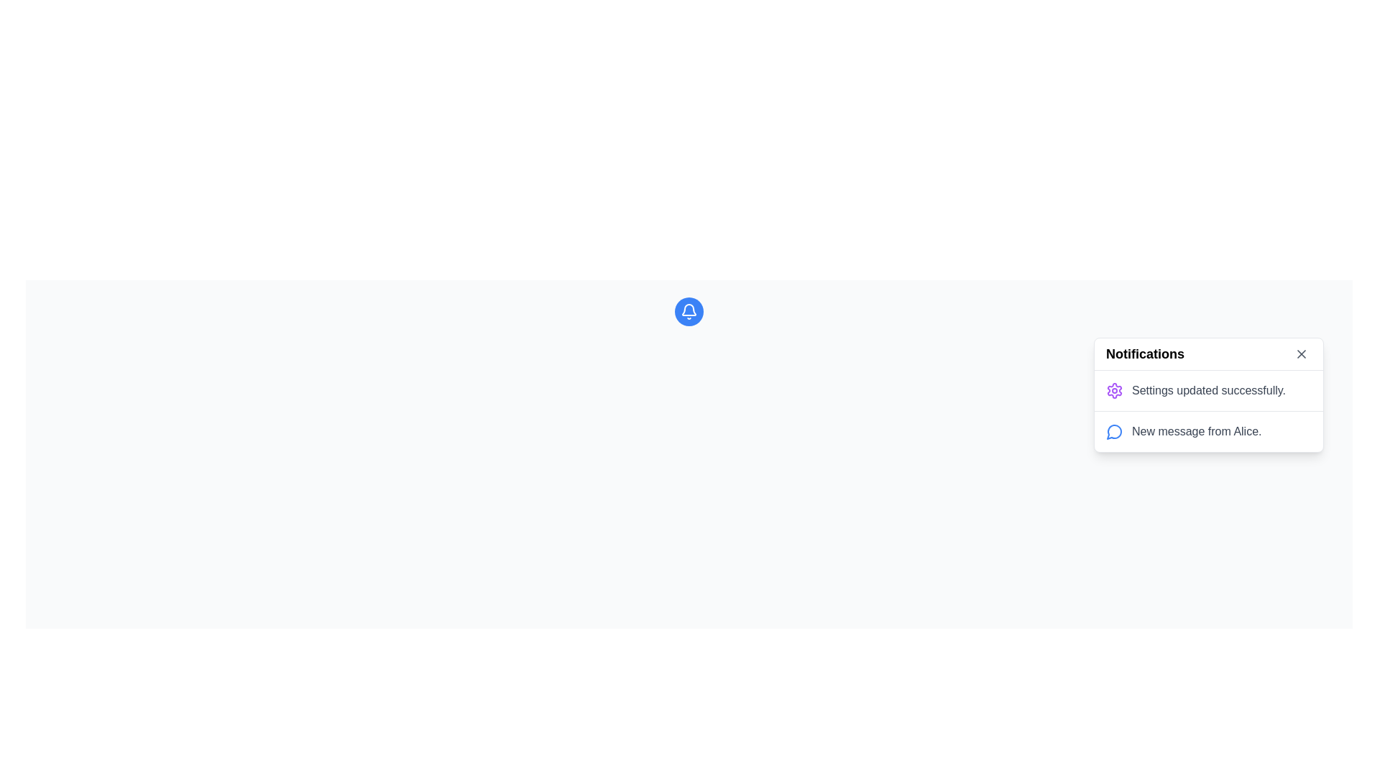  Describe the element at coordinates (1301, 354) in the screenshot. I see `the close button located in the top-right corner of the notification panel` at that location.